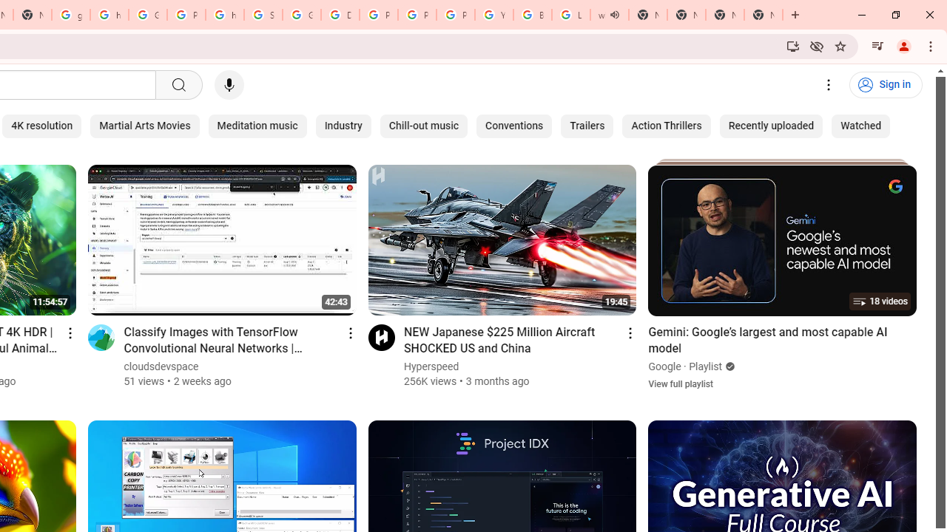 The image size is (947, 532). What do you see at coordinates (514, 126) in the screenshot?
I see `'Conventions'` at bounding box center [514, 126].